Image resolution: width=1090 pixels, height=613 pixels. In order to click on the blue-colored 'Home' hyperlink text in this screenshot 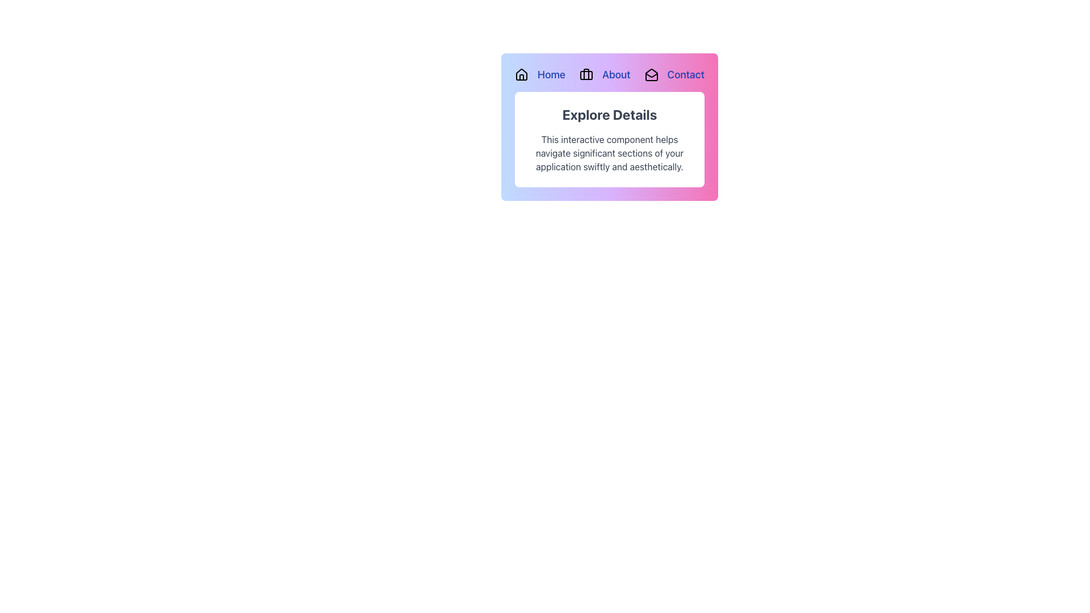, I will do `click(551, 74)`.